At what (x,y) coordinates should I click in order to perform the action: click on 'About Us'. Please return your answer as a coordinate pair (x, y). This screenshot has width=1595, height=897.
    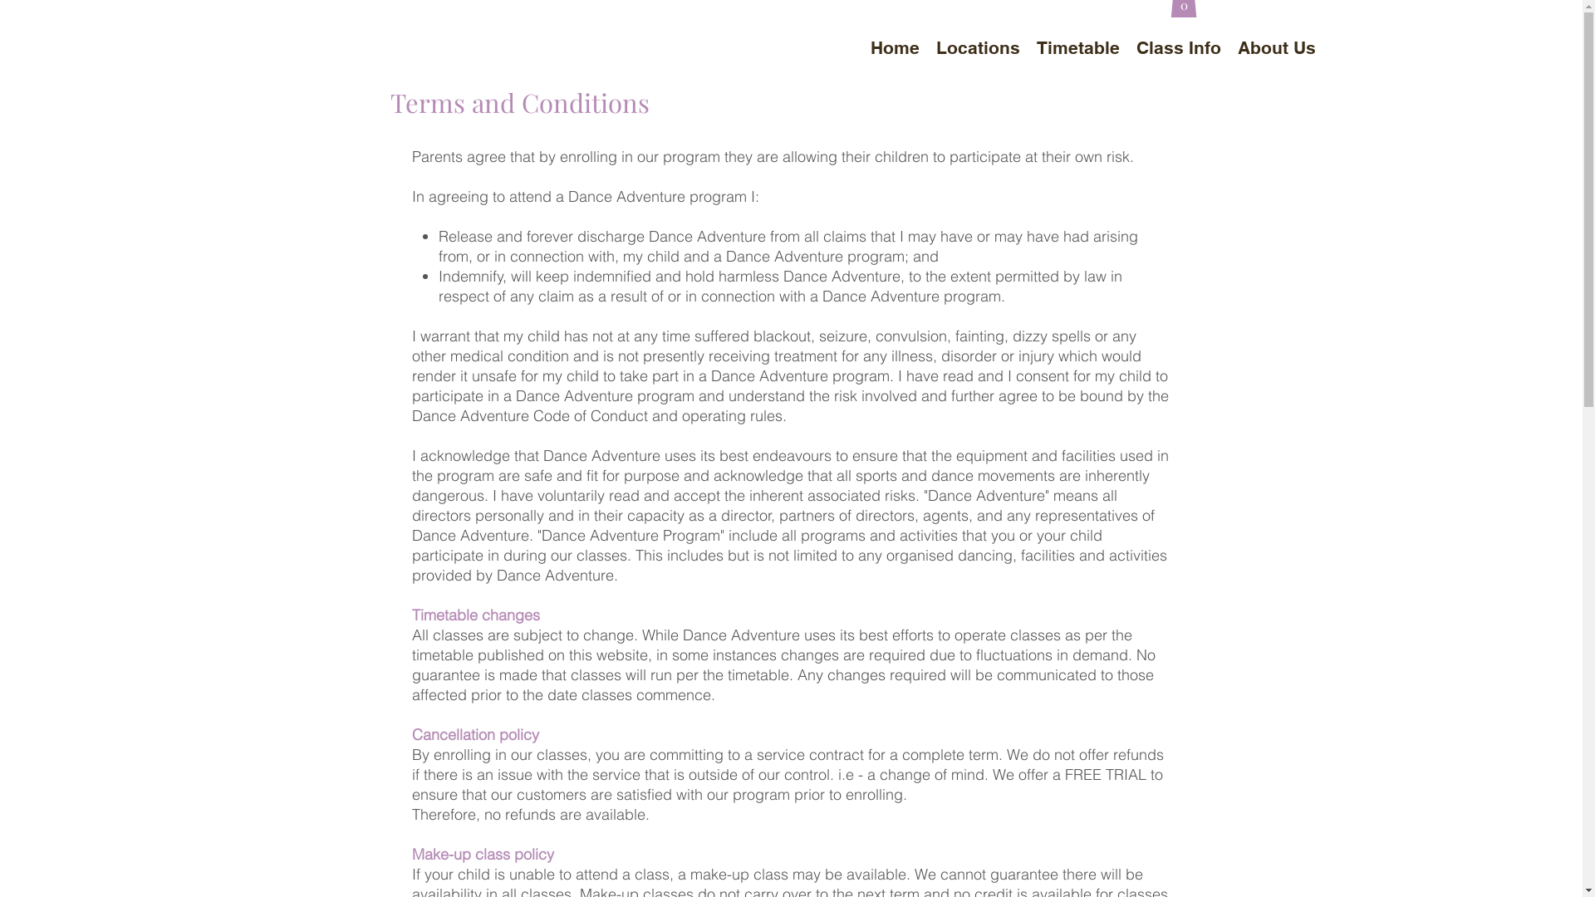
    Looking at the image, I should click on (1229, 47).